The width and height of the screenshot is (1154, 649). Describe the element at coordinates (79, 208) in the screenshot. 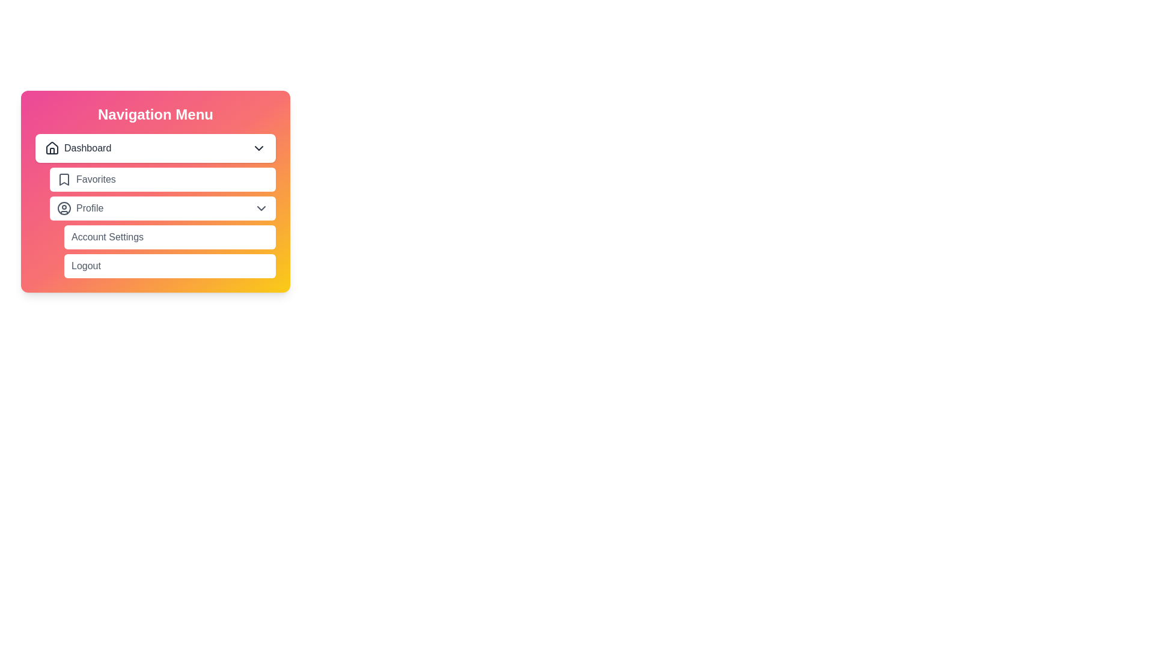

I see `the 'Profile' text label in the vertical navigation menu` at that location.